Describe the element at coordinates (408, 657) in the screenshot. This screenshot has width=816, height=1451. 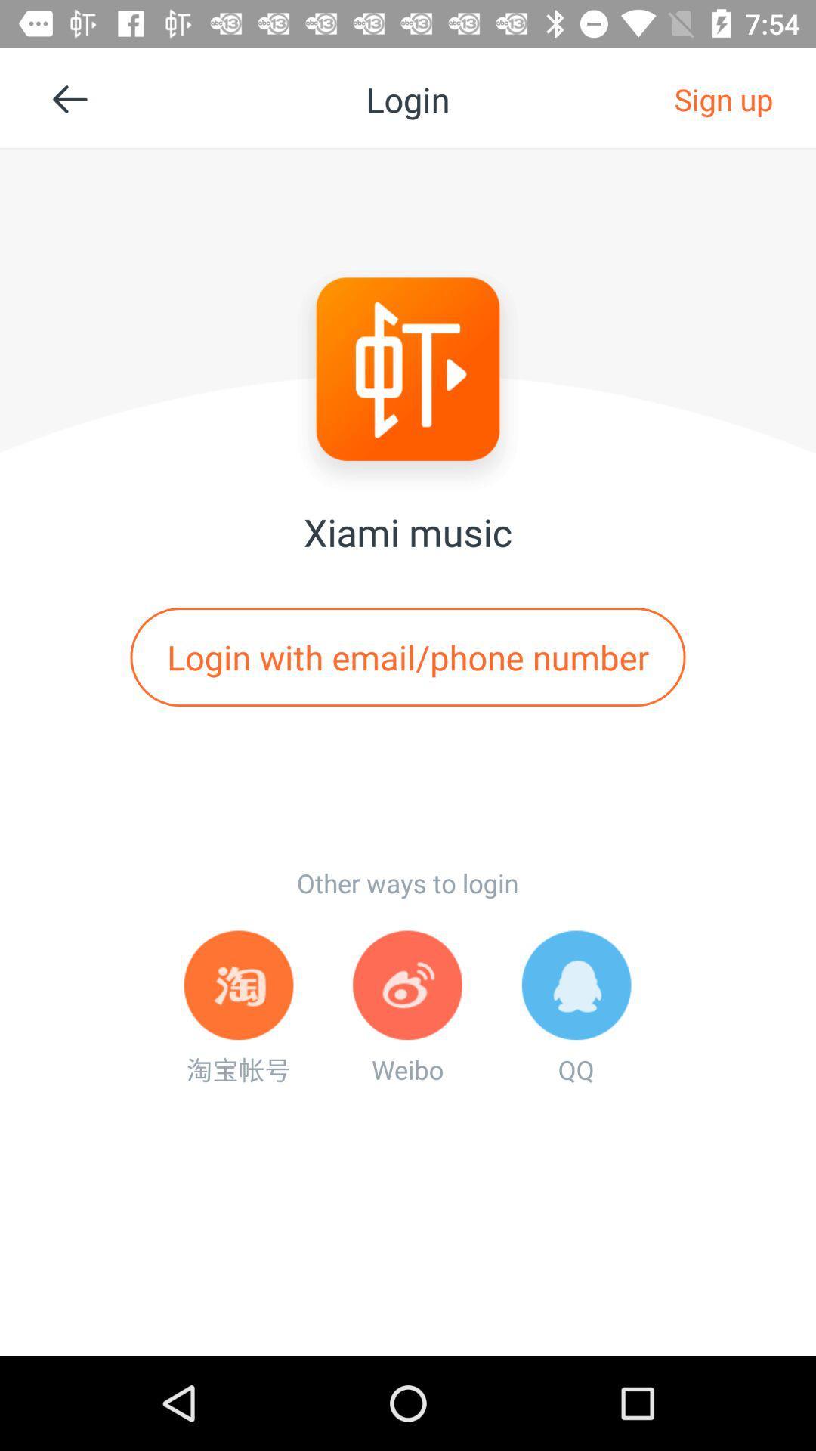
I see `login with email app` at that location.